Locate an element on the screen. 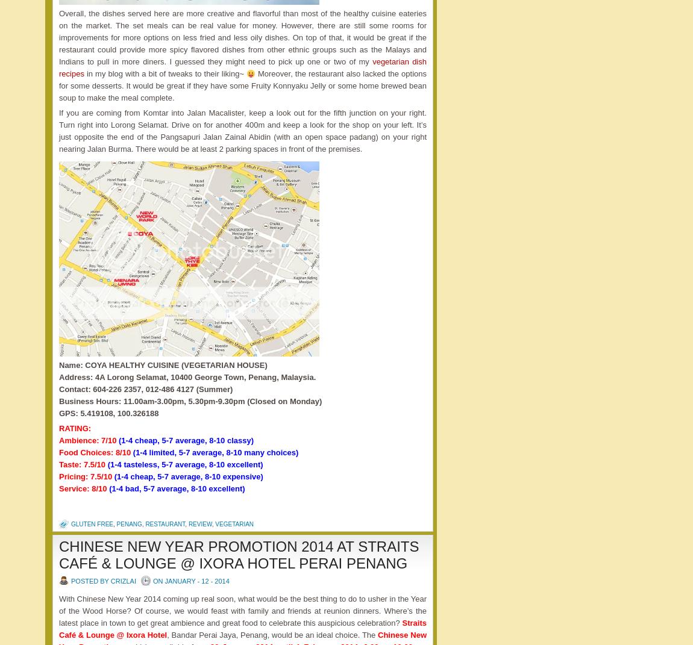  'Address: 4A Lorong Selamat, 10400 George Town, Penang, Malaysia.' is located at coordinates (58, 376).